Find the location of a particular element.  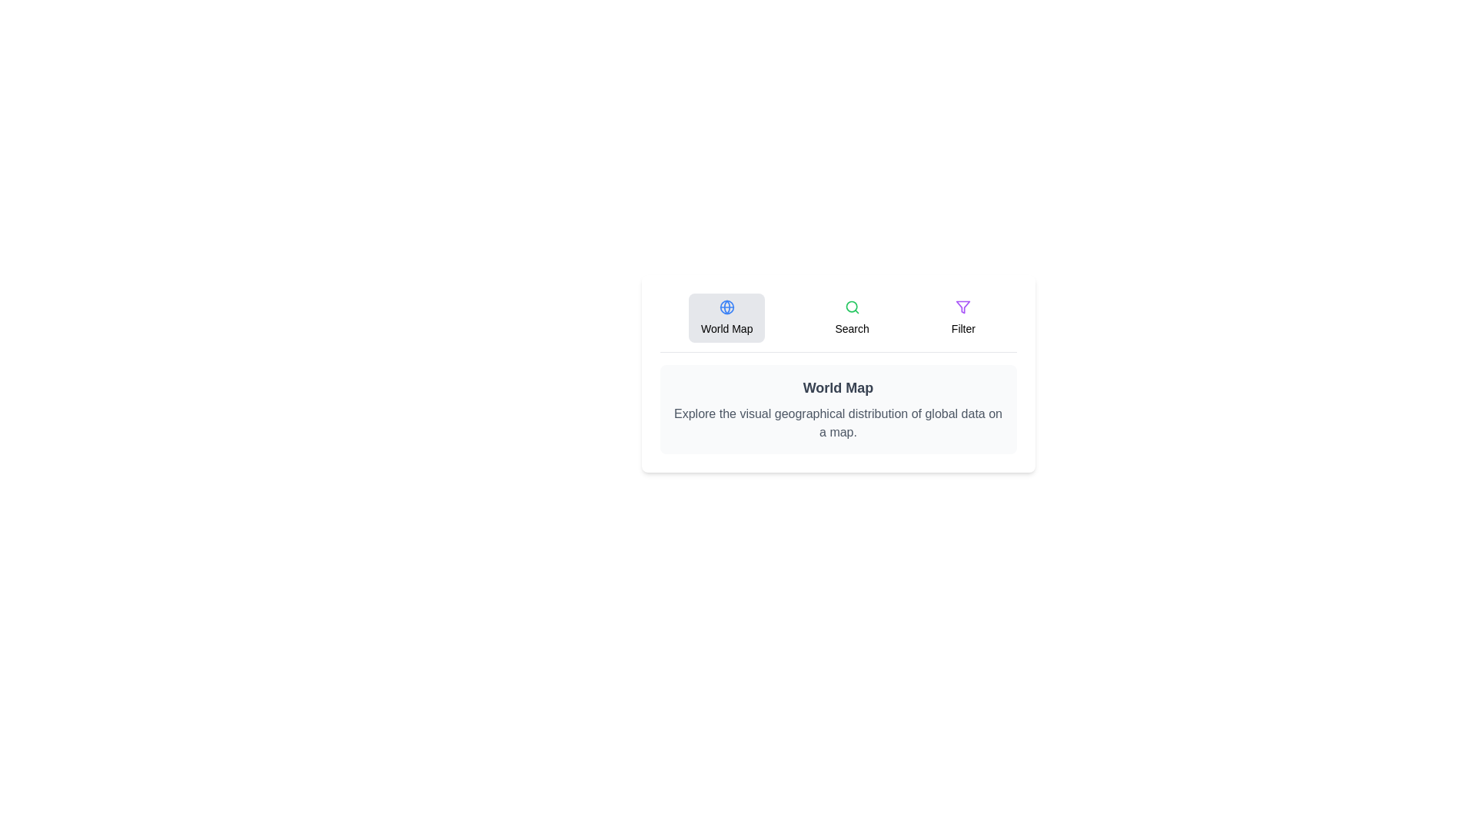

the tab labeled World Map to activate it is located at coordinates (726, 317).